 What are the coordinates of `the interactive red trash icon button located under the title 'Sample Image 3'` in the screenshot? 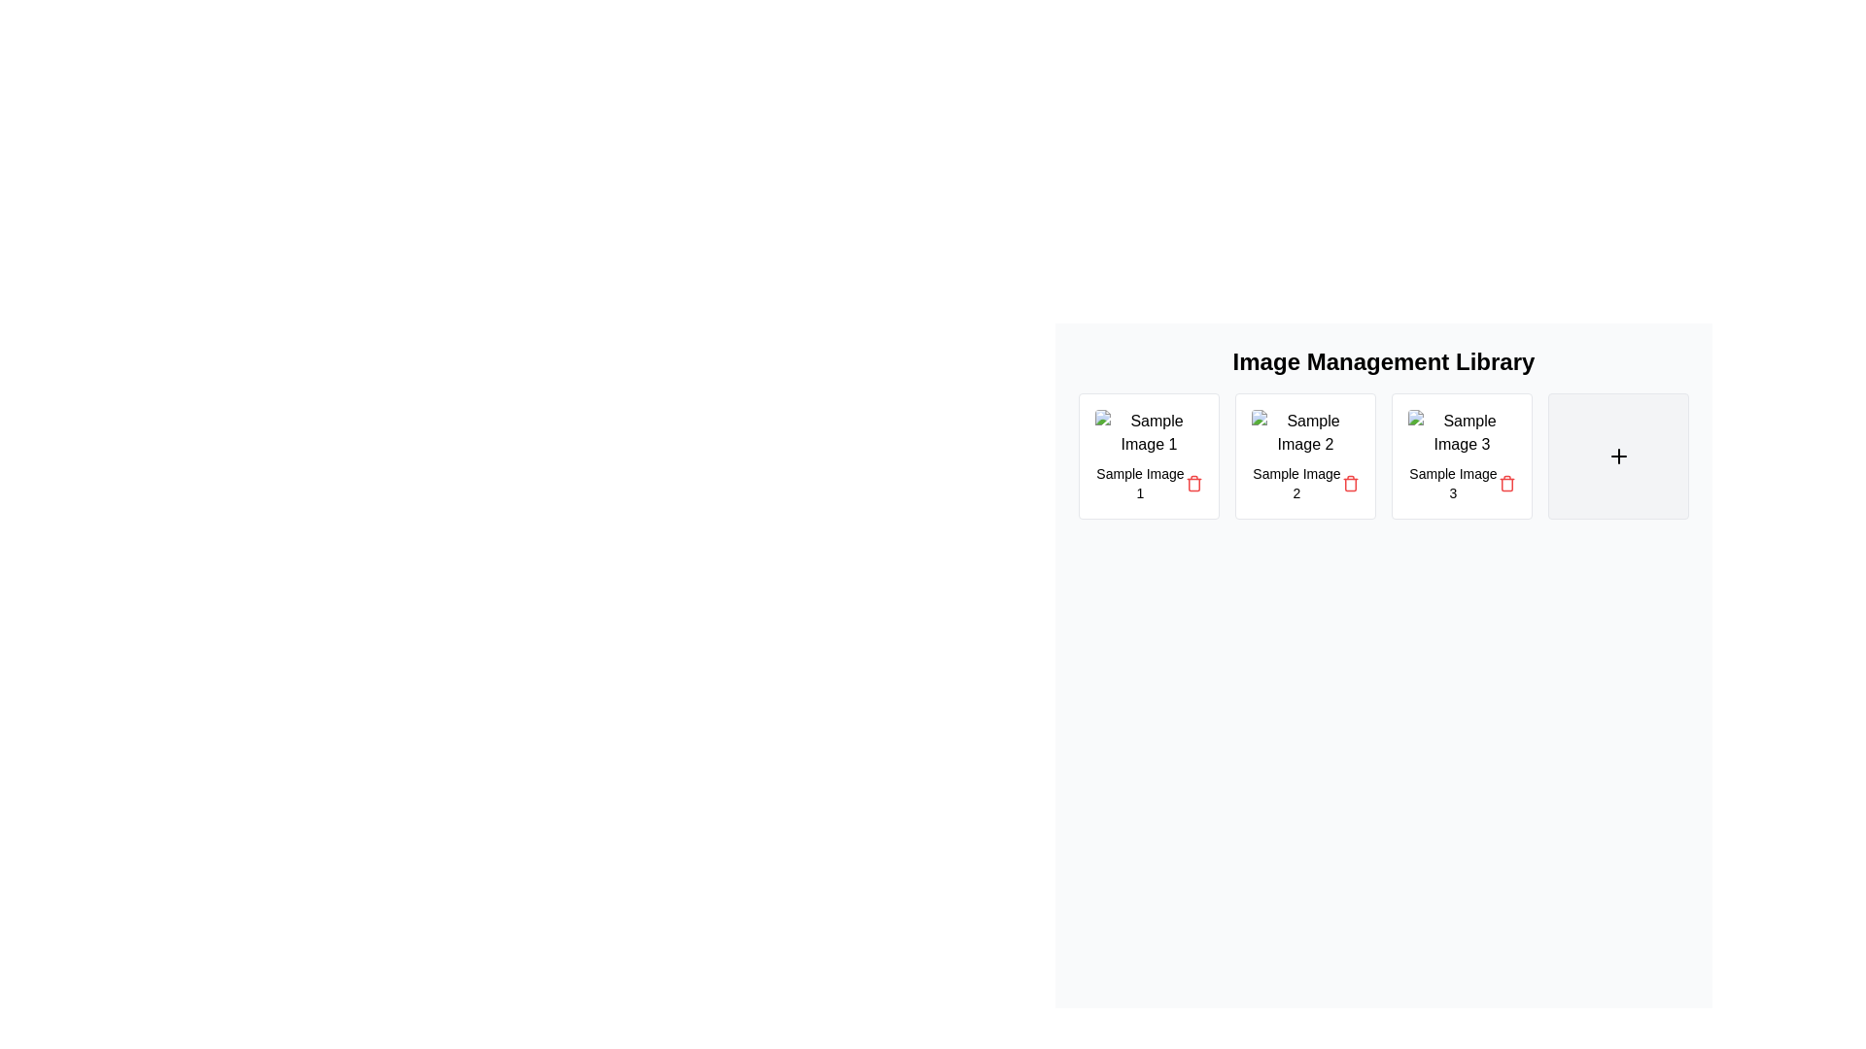 It's located at (1505, 482).